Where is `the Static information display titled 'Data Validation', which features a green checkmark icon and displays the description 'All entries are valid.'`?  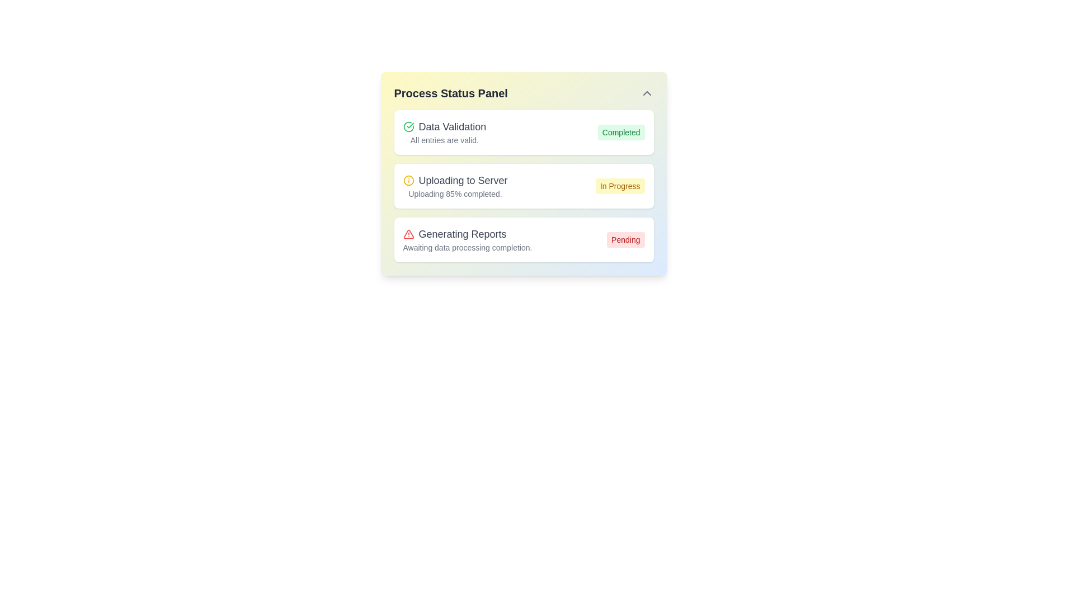 the Static information display titled 'Data Validation', which features a green checkmark icon and displays the description 'All entries are valid.' is located at coordinates (444, 131).